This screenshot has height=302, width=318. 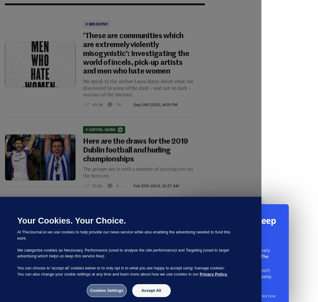 I want to click on 'For the price of one cup of coffee each week you can help keep paywalls away.', so click(x=232, y=273).